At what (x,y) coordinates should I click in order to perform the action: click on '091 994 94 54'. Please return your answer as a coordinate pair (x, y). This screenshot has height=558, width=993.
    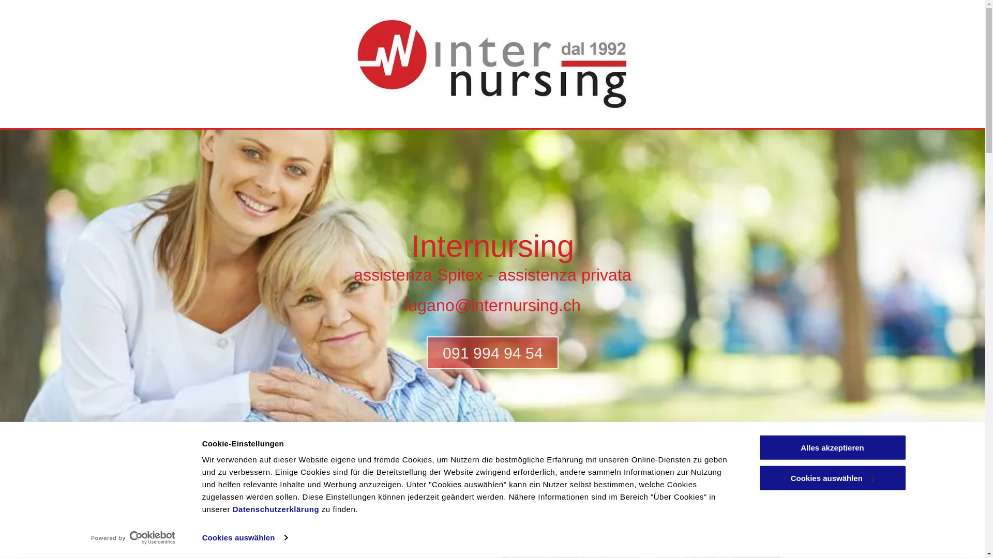
    Looking at the image, I should click on (492, 352).